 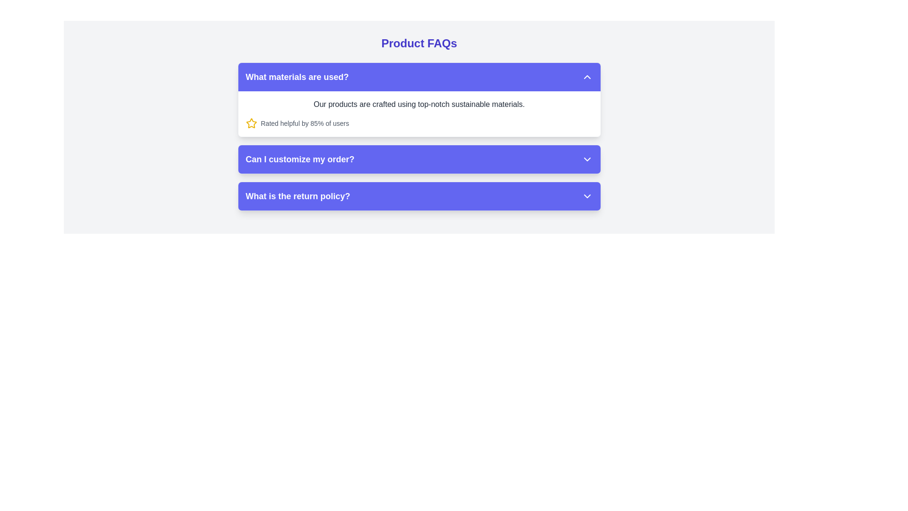 What do you see at coordinates (305, 123) in the screenshot?
I see `the Text Display element that shows user feedback percentage about the FAQ's helpfulness, located beneath the question 'What materials are used?'` at bounding box center [305, 123].